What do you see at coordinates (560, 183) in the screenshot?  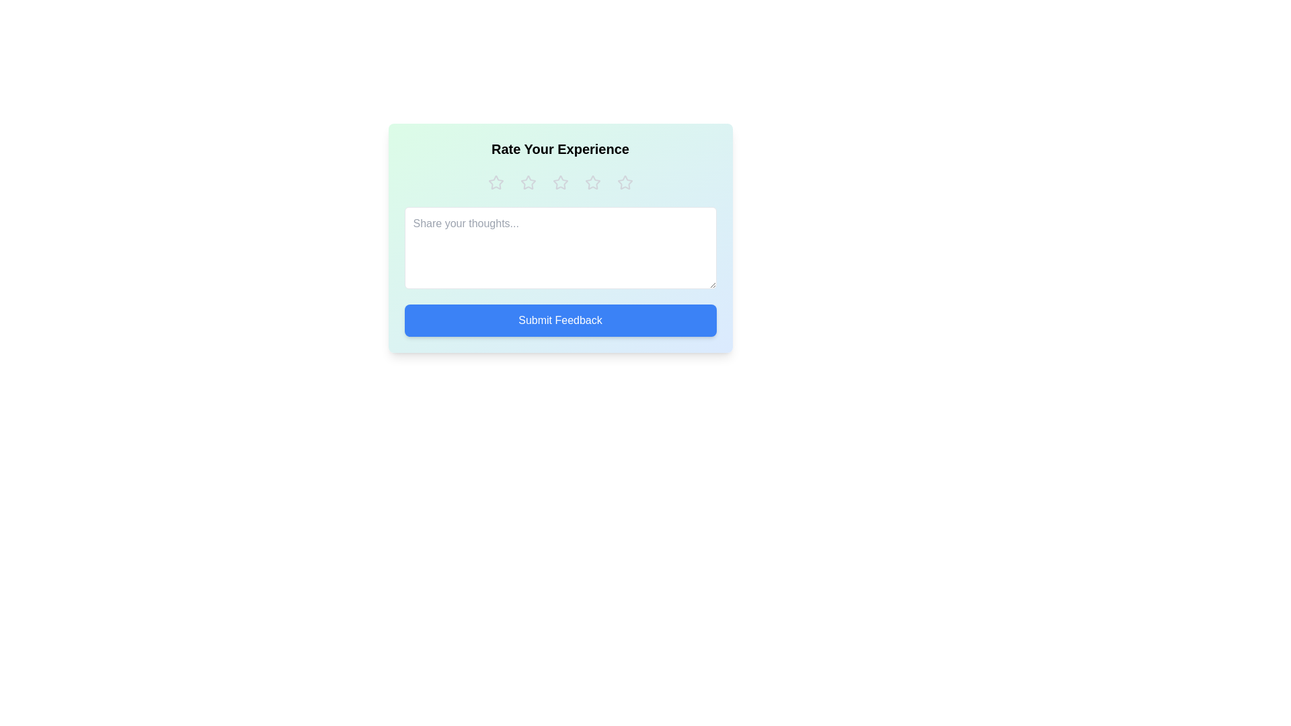 I see `the star corresponding to 3 to preview the rating` at bounding box center [560, 183].